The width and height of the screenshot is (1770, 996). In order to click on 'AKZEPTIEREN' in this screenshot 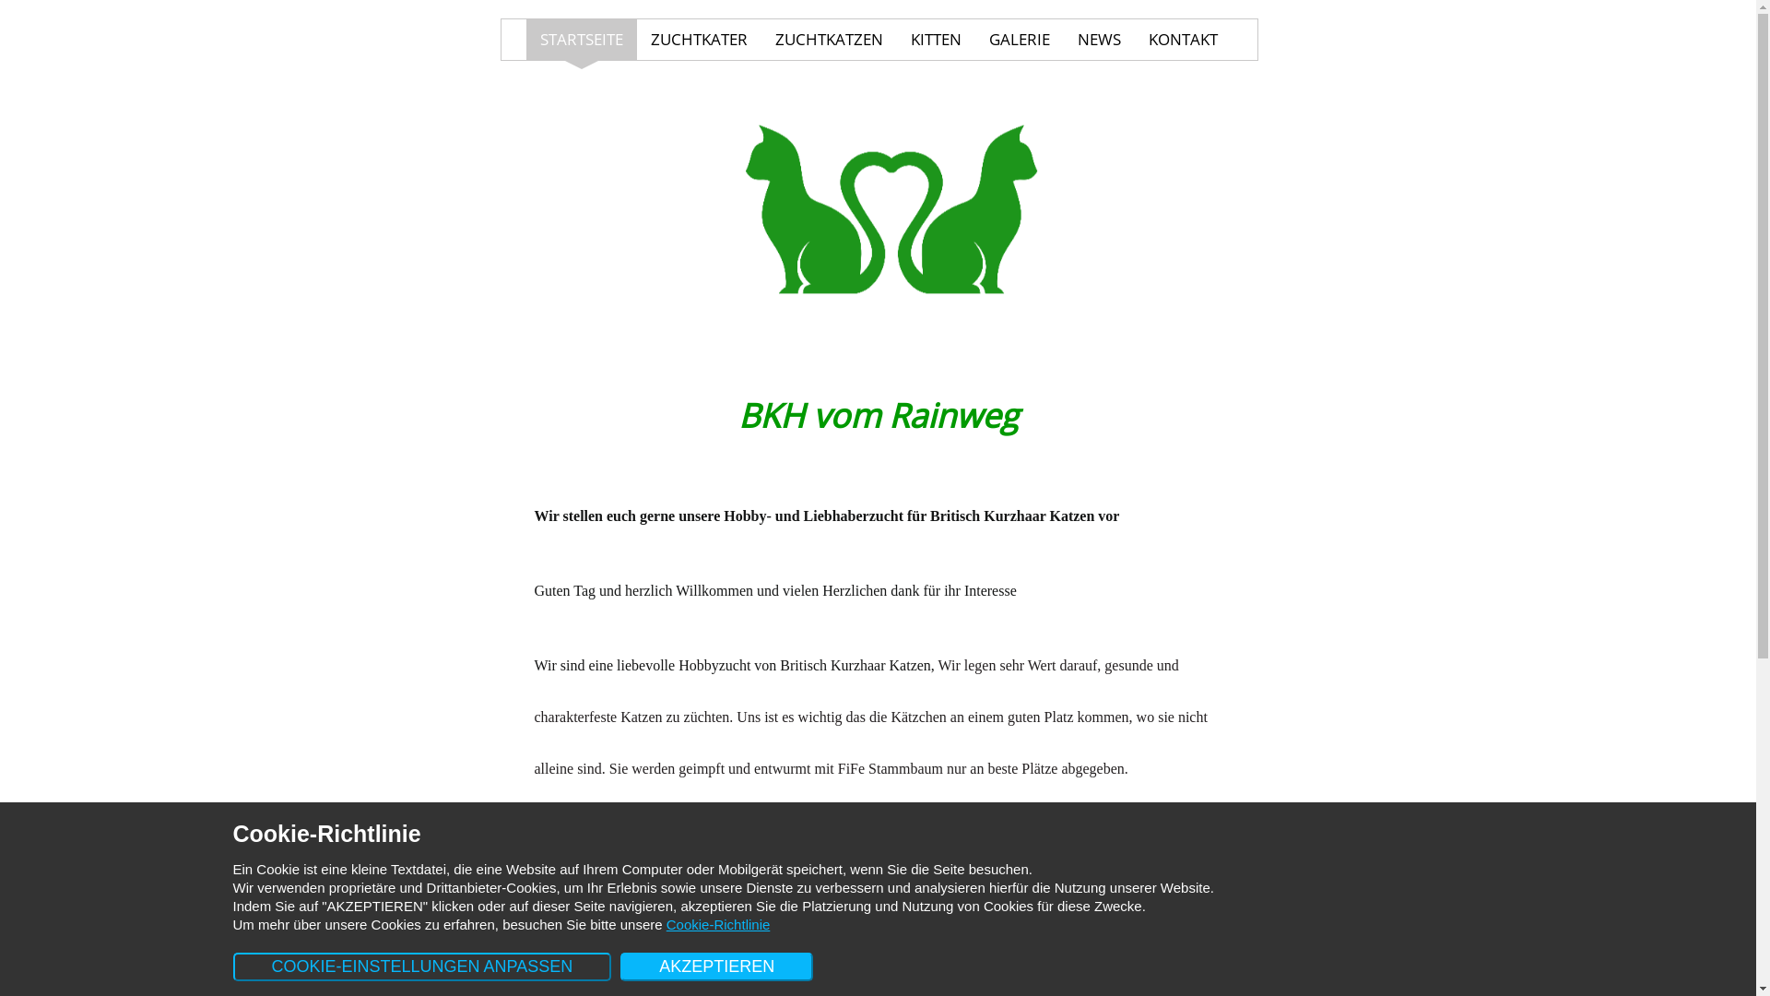, I will do `click(619, 966)`.